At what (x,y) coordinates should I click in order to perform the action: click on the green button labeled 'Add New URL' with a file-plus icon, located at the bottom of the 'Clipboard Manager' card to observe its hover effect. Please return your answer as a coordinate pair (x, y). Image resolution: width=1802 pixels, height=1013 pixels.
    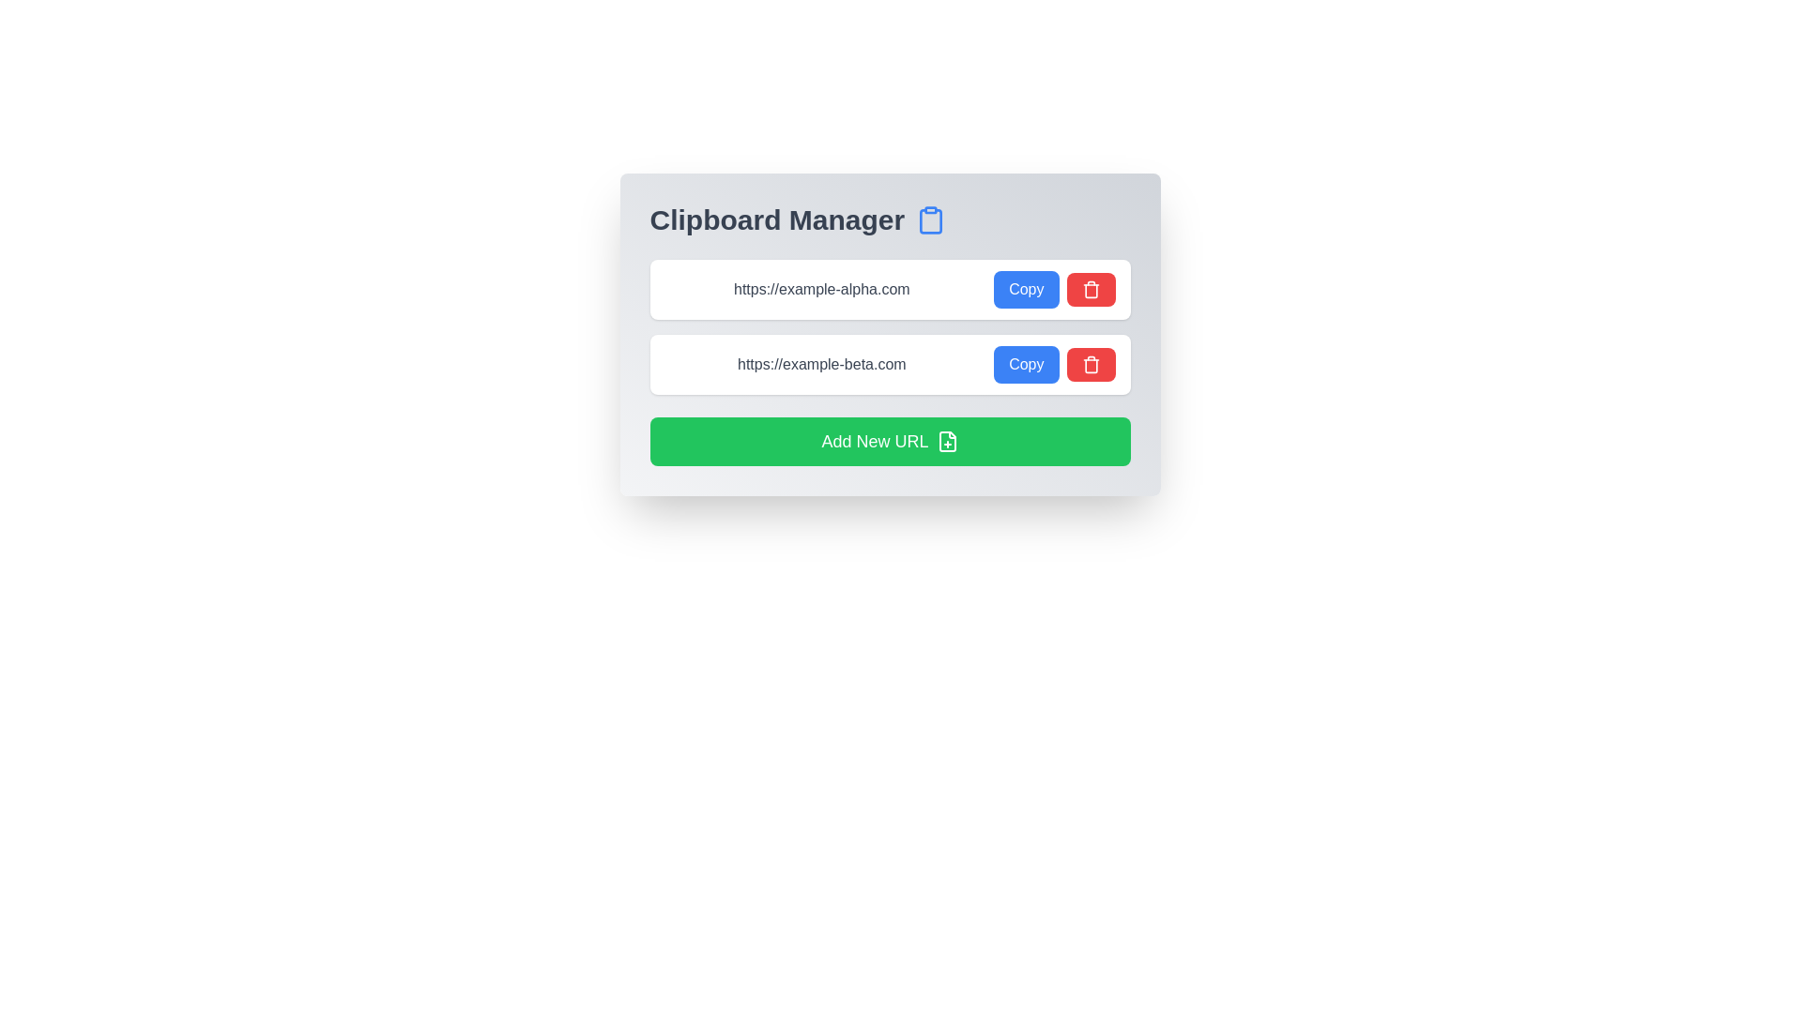
    Looking at the image, I should click on (889, 441).